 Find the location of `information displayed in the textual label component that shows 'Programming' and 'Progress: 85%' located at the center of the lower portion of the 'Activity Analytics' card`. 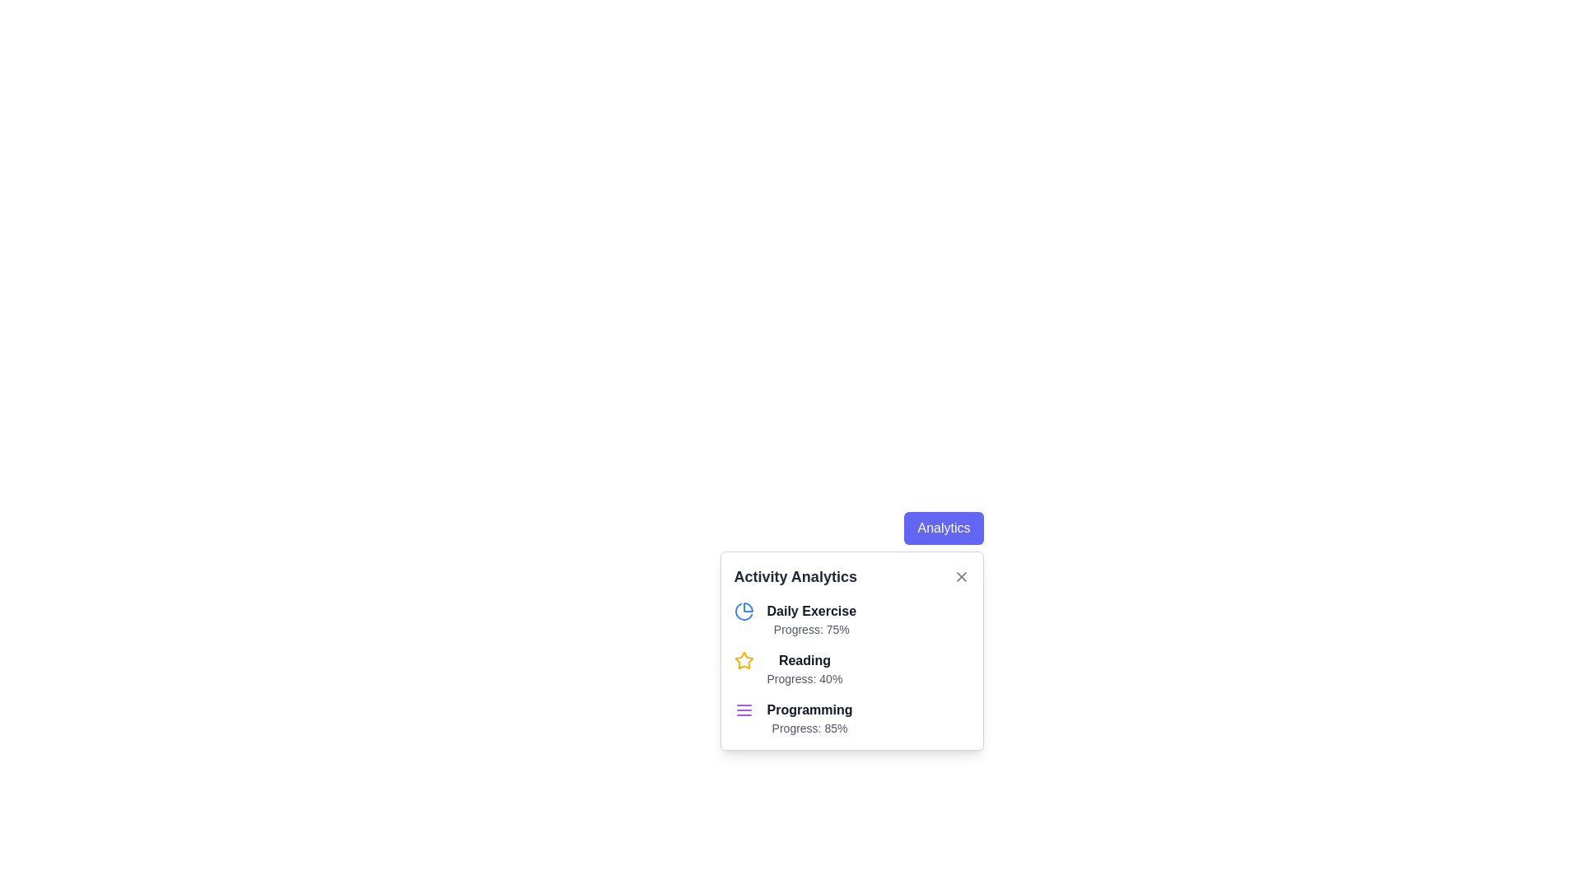

information displayed in the textual label component that shows 'Programming' and 'Progress: 85%' located at the center of the lower portion of the 'Activity Analytics' card is located at coordinates (809, 717).